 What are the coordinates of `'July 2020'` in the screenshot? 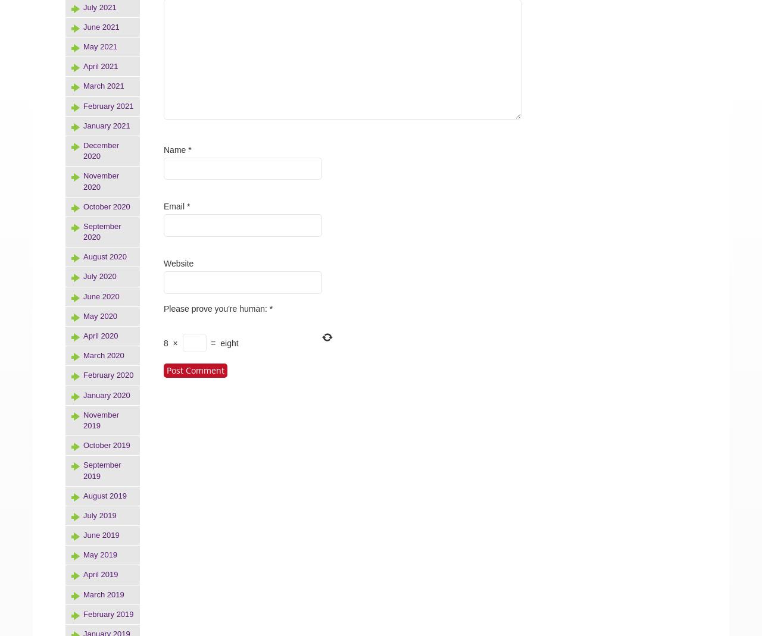 It's located at (99, 275).